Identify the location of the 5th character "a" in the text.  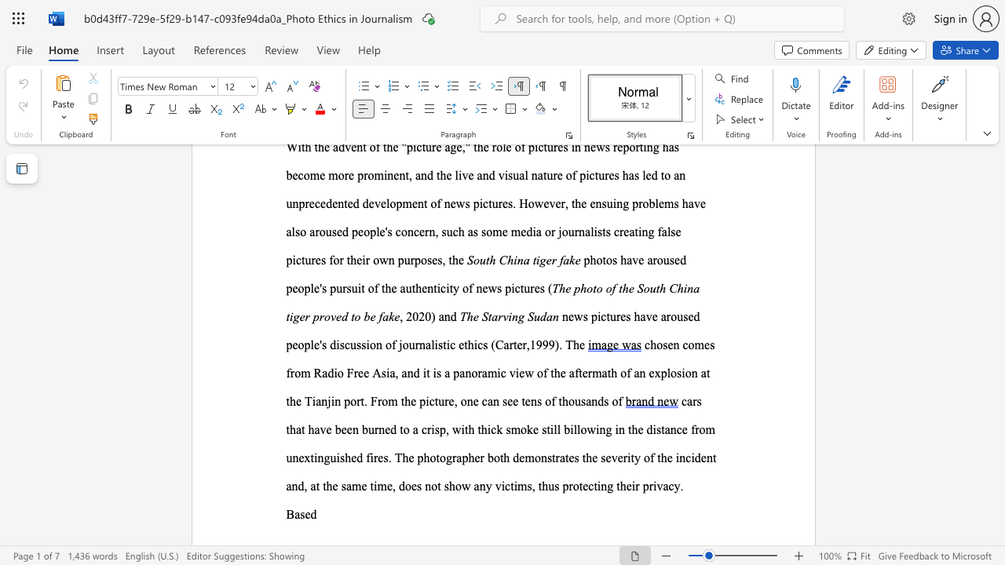
(667, 429).